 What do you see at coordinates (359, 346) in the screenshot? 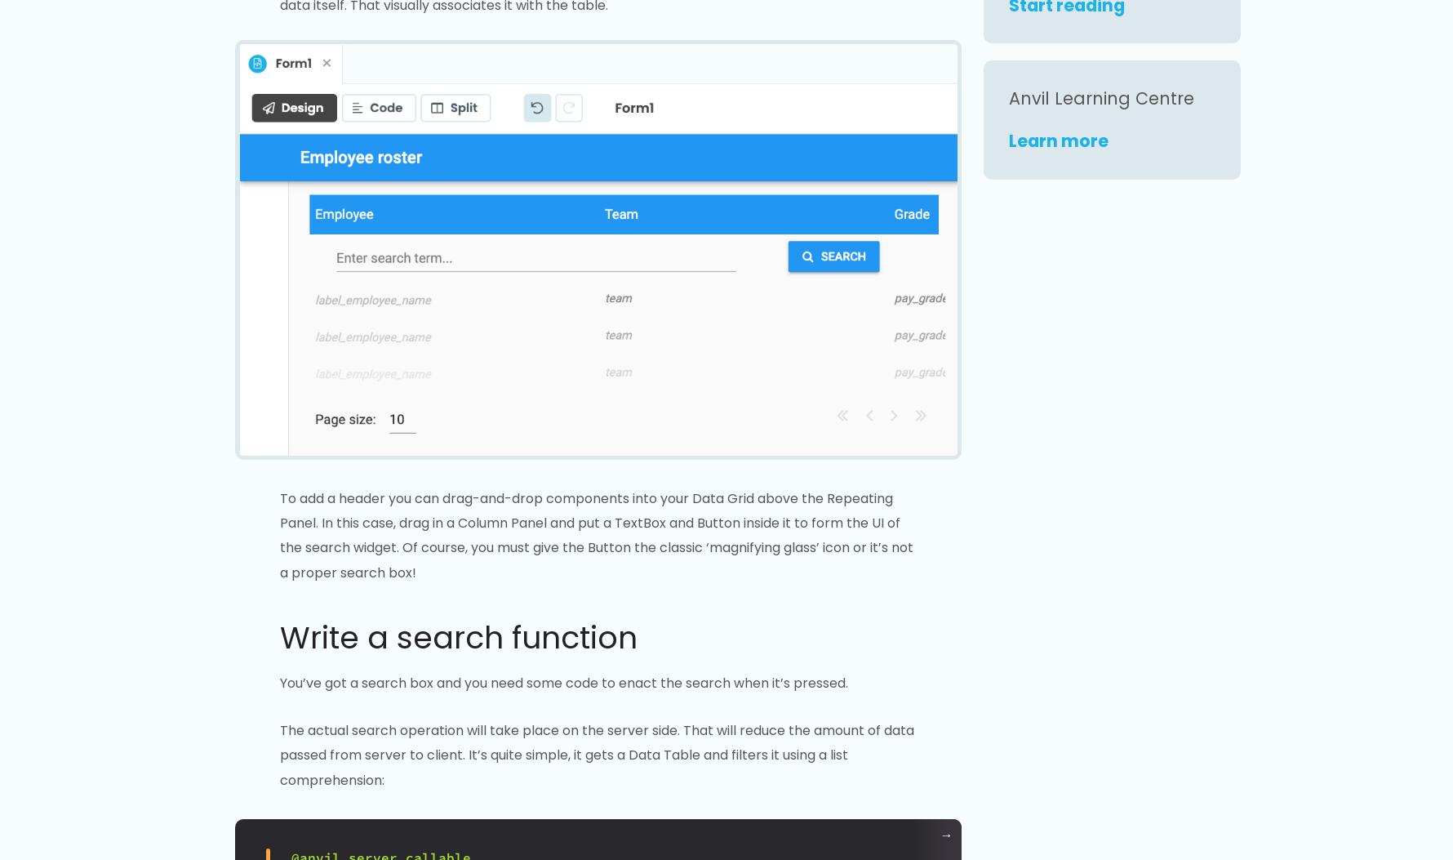
I see `'Getting started'` at bounding box center [359, 346].